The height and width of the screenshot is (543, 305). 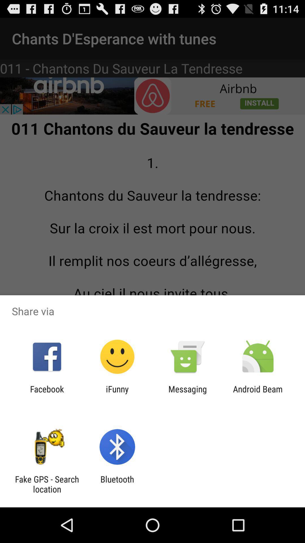 What do you see at coordinates (47, 394) in the screenshot?
I see `app next to ifunny app` at bounding box center [47, 394].